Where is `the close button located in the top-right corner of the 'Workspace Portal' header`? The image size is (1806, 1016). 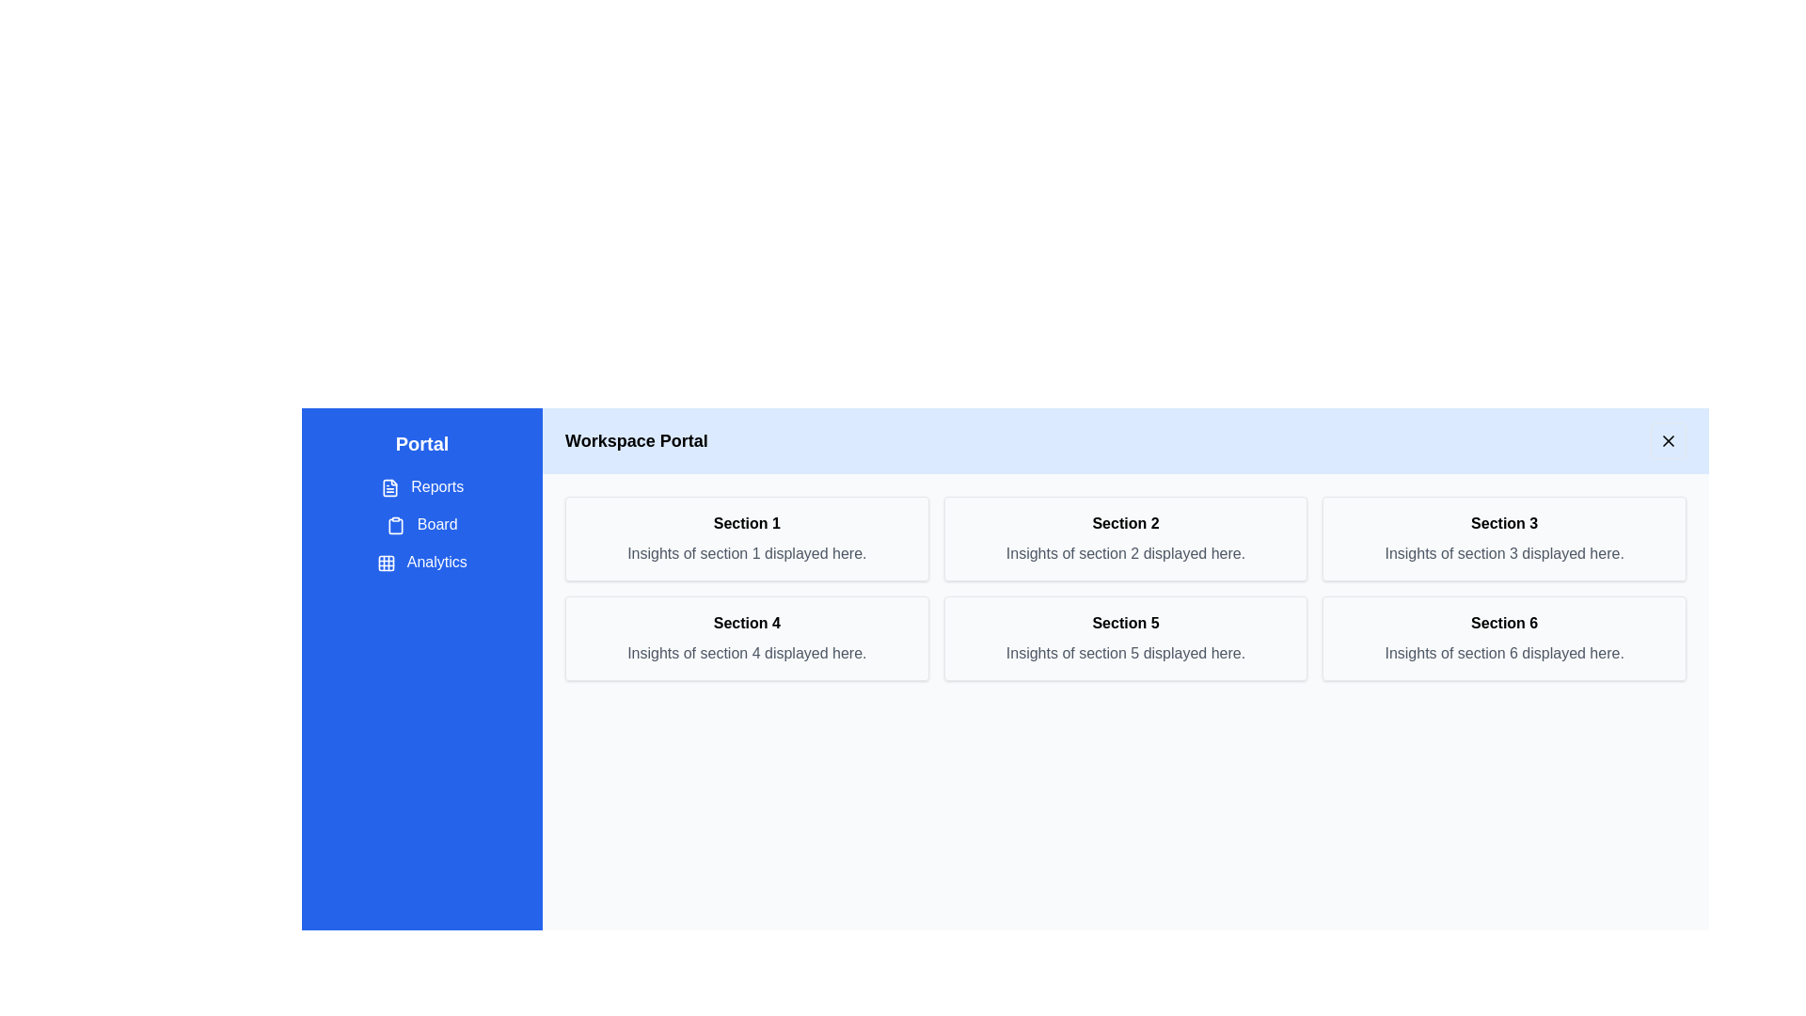
the close button located in the top-right corner of the 'Workspace Portal' header is located at coordinates (1669, 441).